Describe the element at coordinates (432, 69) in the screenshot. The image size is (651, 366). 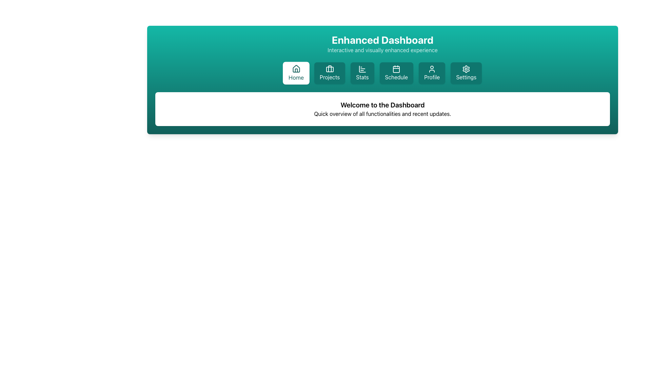
I see `the user profile icon, which is a minimalist line-style illustration of a person, located within the 'Profile' button in the navigation bar` at that location.